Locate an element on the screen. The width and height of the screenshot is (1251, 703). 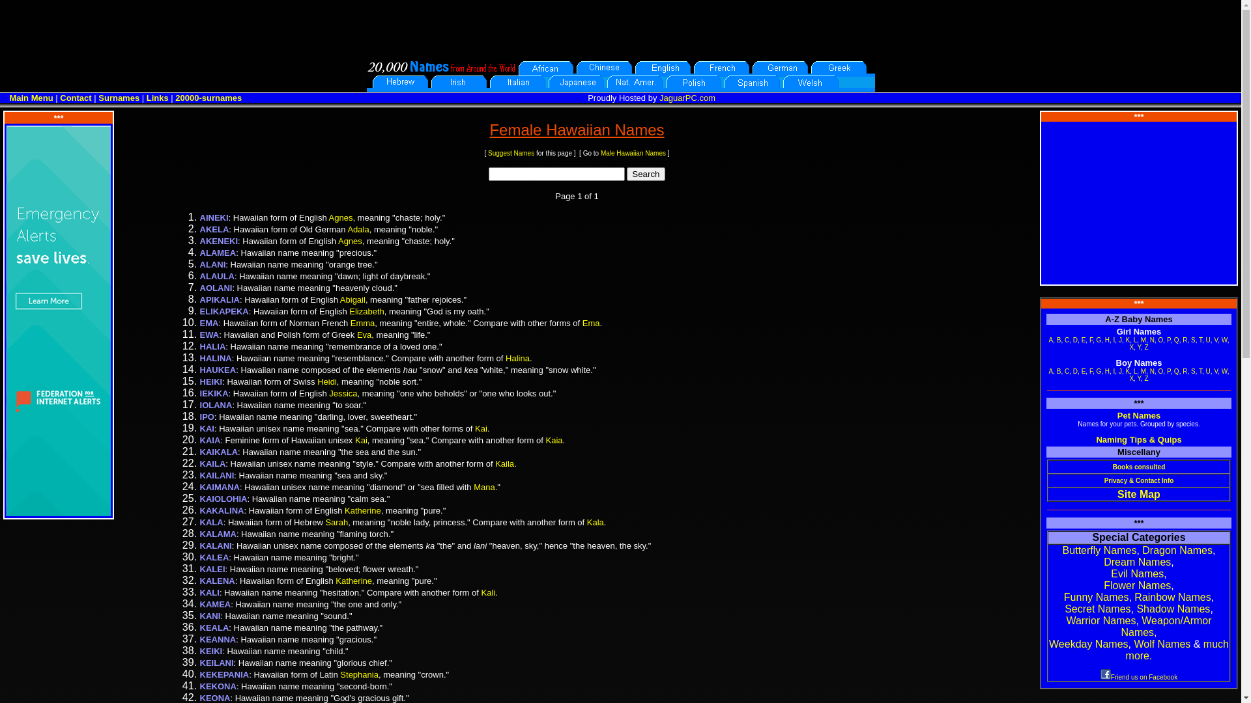
'Halina' is located at coordinates (517, 358).